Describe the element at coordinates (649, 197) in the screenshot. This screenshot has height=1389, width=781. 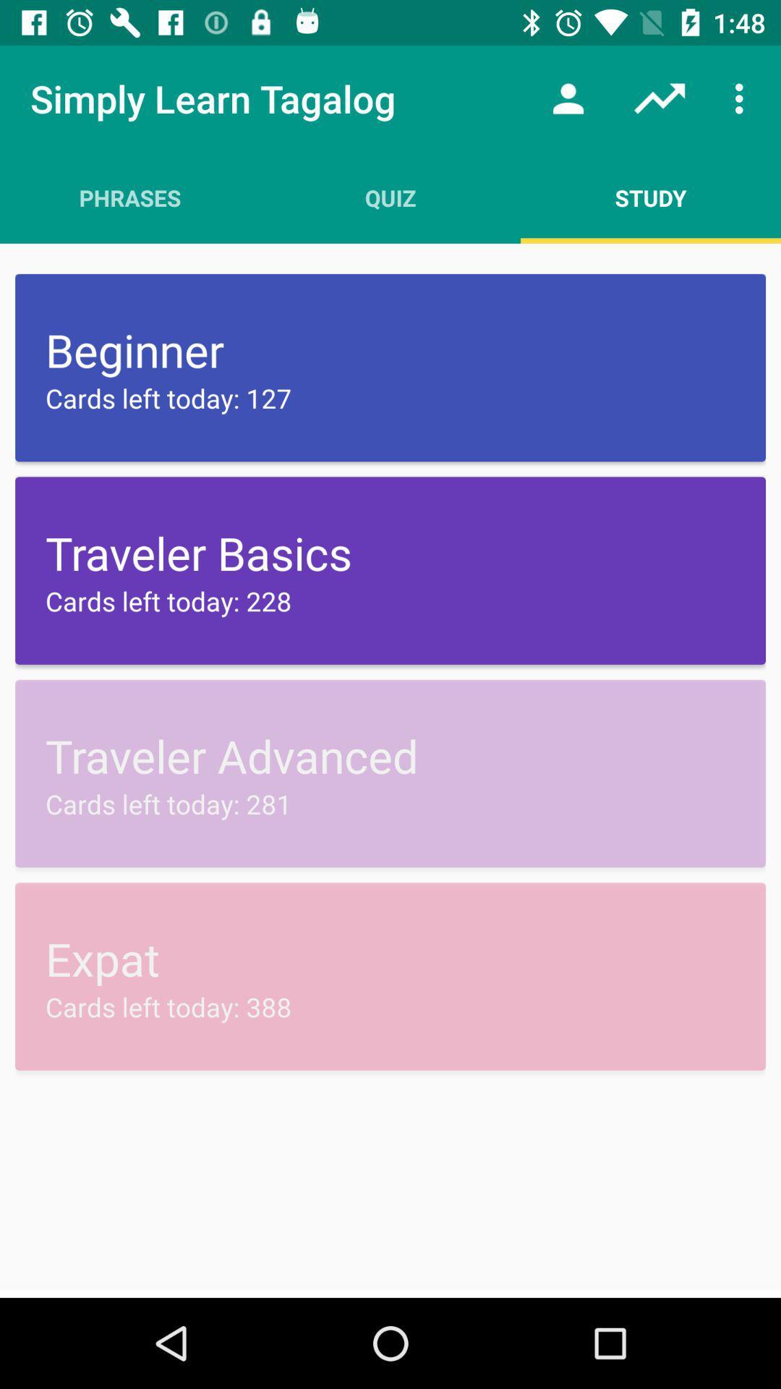
I see `option right side of quiz` at that location.